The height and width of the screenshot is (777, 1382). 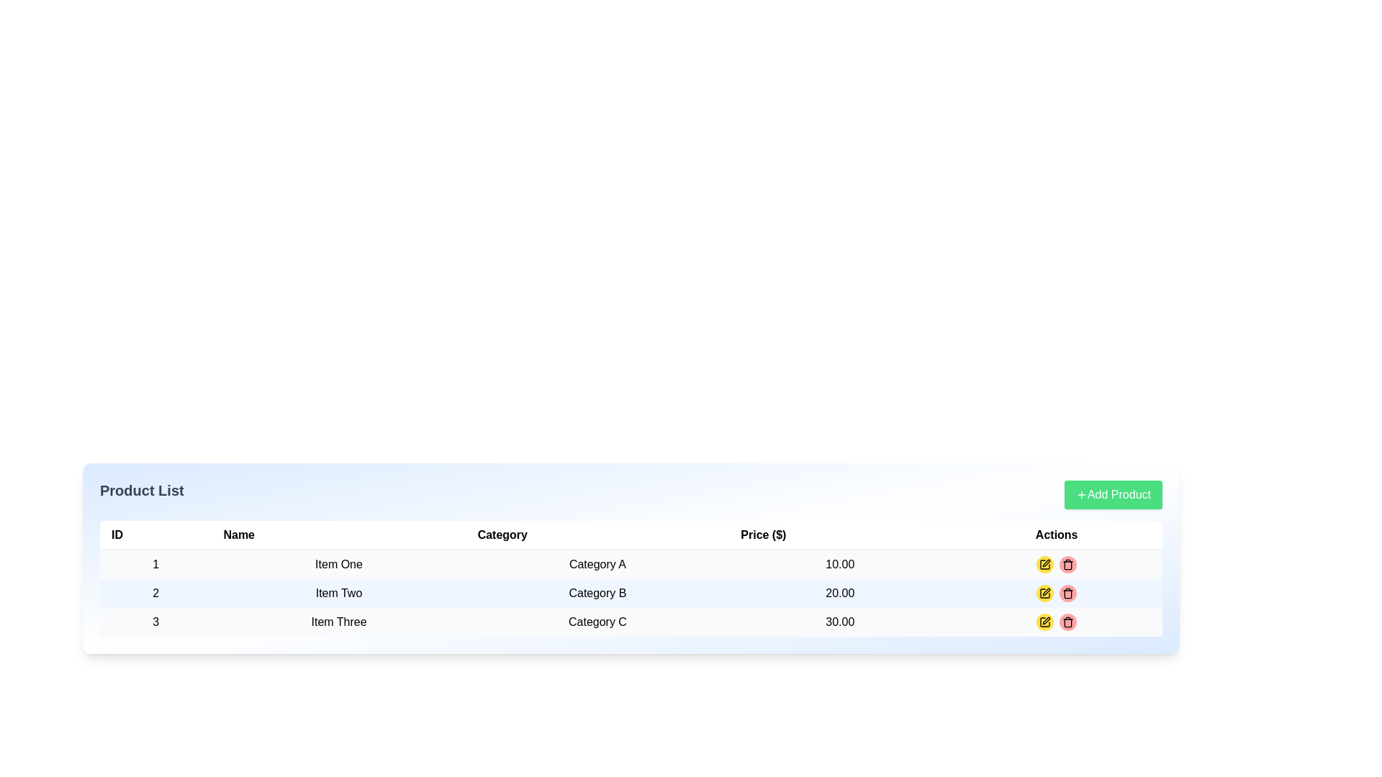 What do you see at coordinates (1068, 621) in the screenshot?
I see `the delete button with a red circular background and trash can icon, located as the third icon in the 'Actions' column of the last row of the table` at bounding box center [1068, 621].